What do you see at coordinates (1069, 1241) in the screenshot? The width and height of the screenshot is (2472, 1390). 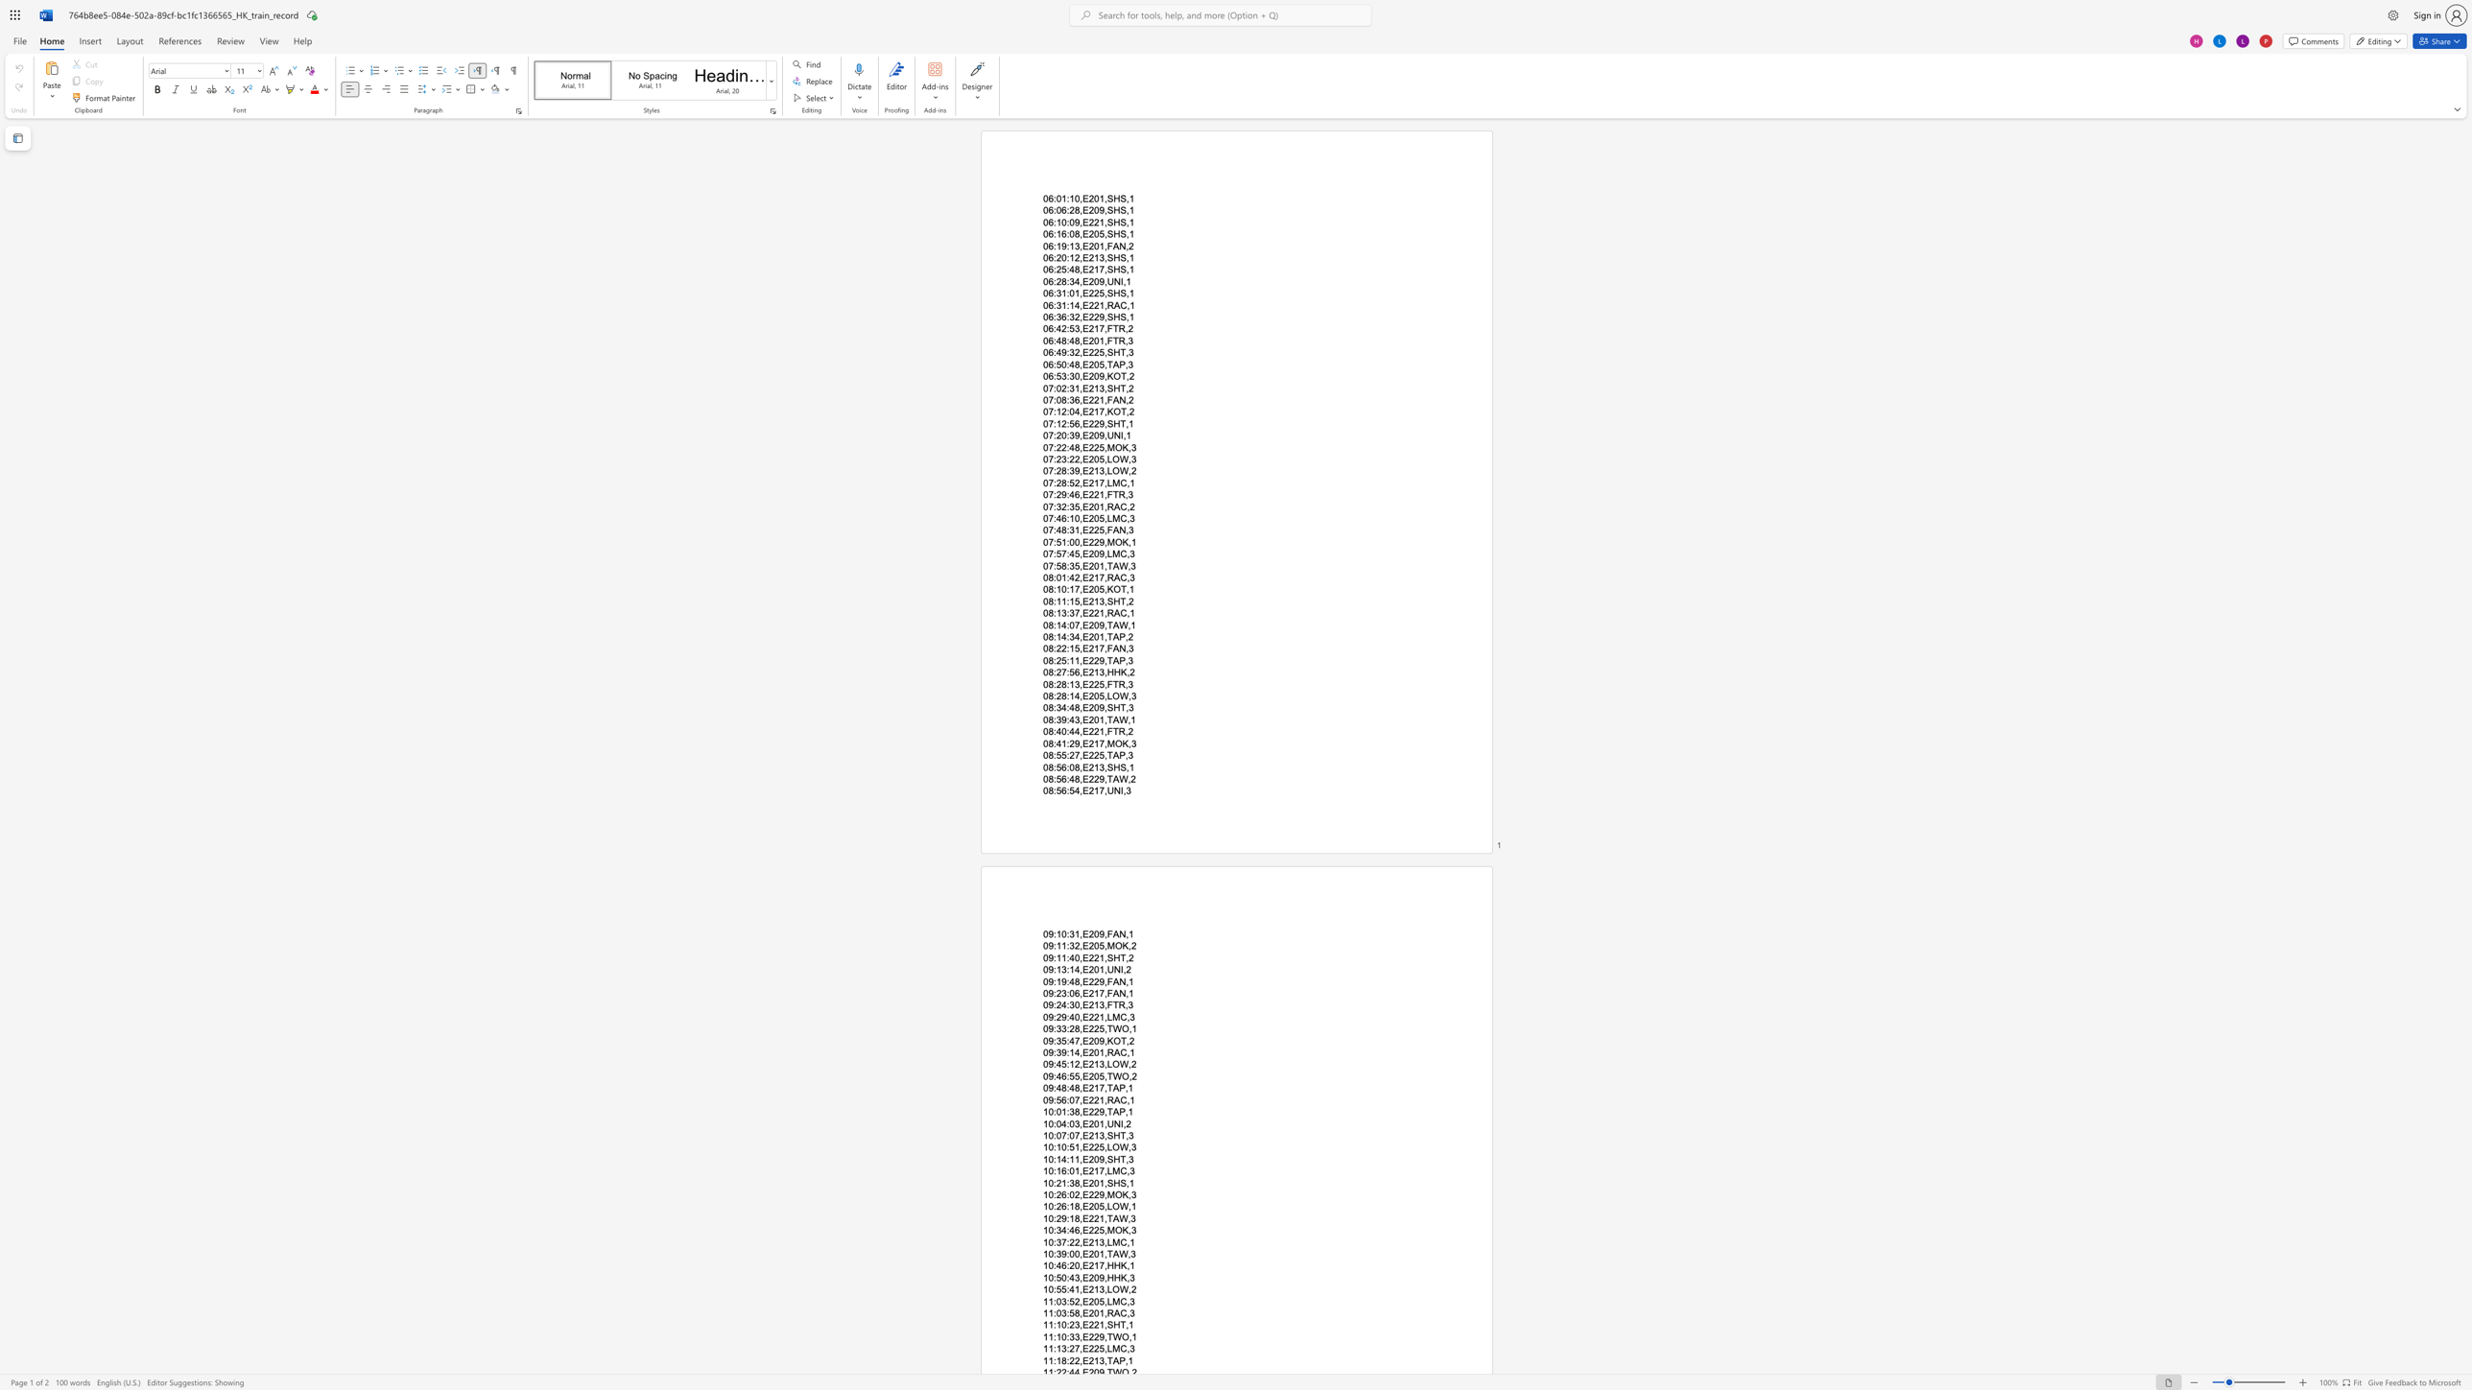 I see `the subset text "22,E213,LMC," within the text "10:37:22,E213,LMC,1"` at bounding box center [1069, 1241].